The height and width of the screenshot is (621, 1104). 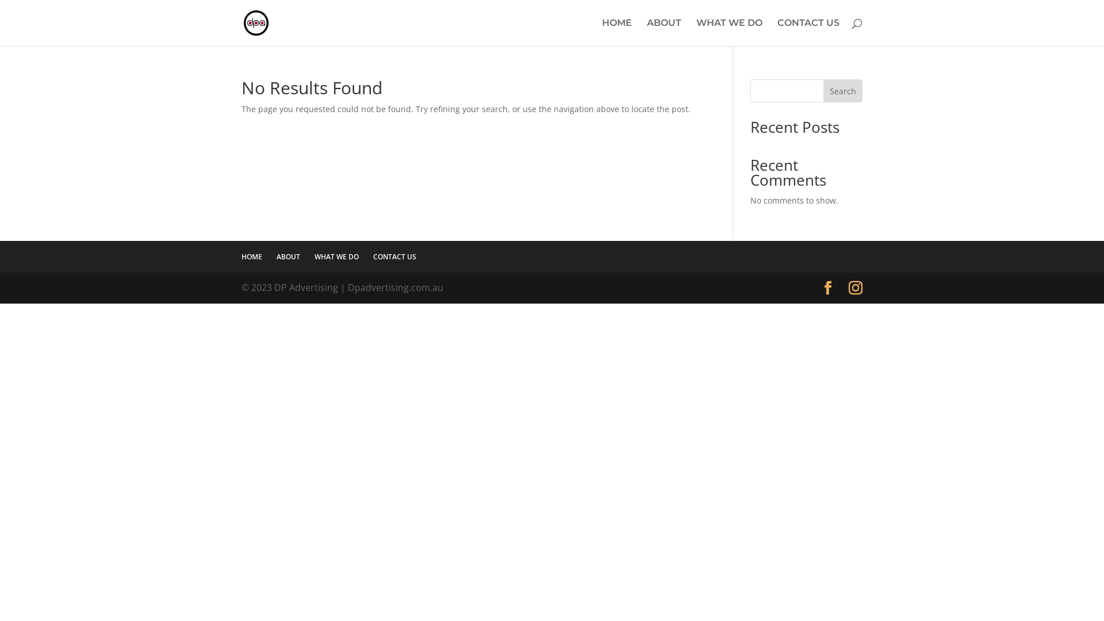 I want to click on 'Search', so click(x=842, y=90).